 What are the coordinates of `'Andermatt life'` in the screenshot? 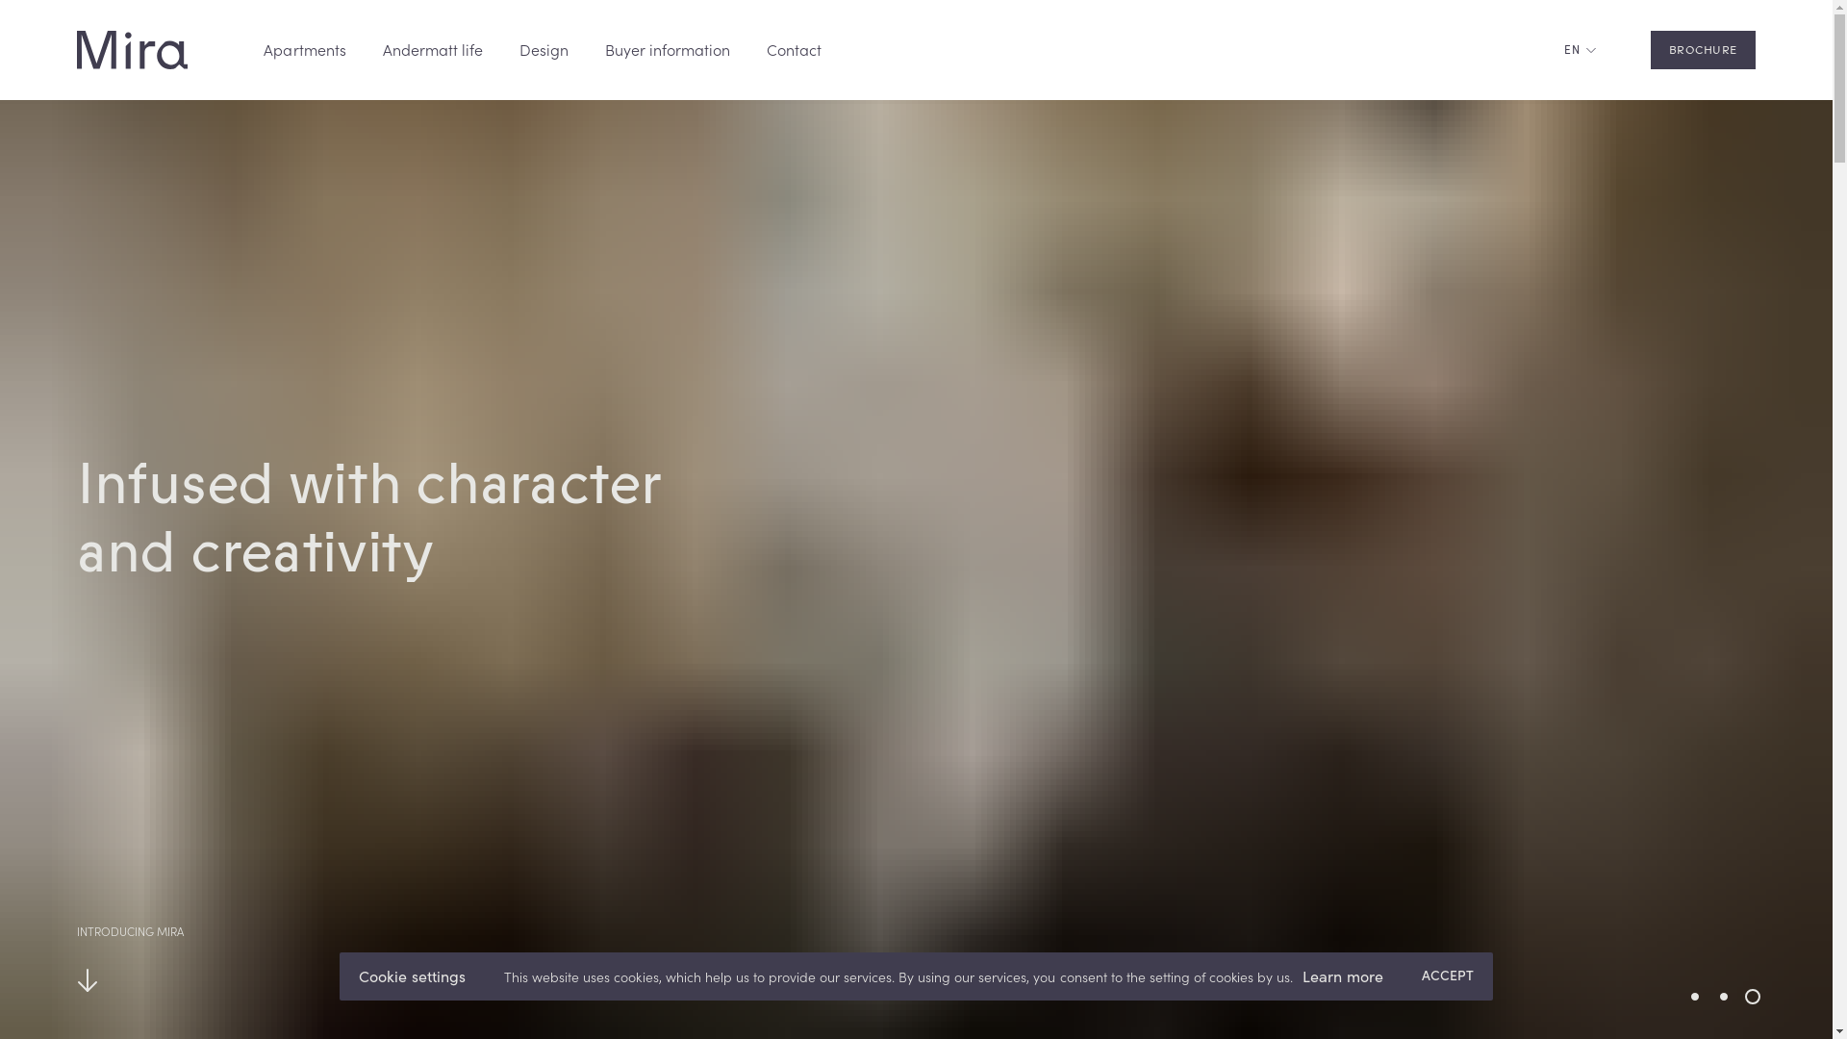 It's located at (383, 48).